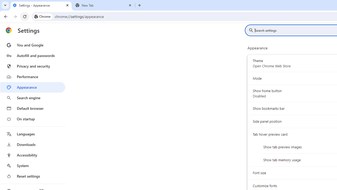 This screenshot has width=337, height=190. What do you see at coordinates (32, 77) in the screenshot?
I see `'Performance'` at bounding box center [32, 77].